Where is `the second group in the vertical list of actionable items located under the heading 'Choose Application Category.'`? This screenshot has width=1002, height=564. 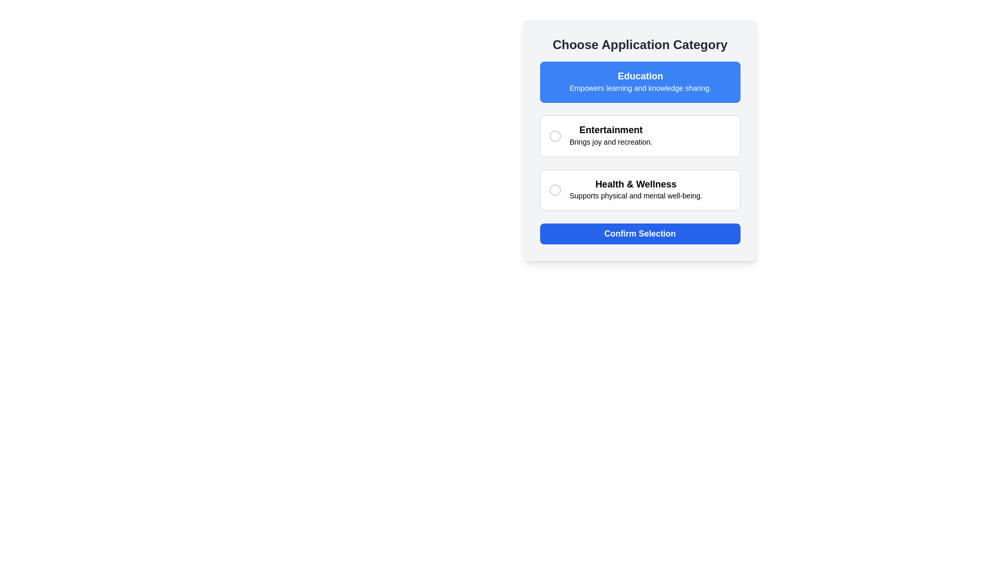 the second group in the vertical list of actionable items located under the heading 'Choose Application Category.' is located at coordinates (639, 135).